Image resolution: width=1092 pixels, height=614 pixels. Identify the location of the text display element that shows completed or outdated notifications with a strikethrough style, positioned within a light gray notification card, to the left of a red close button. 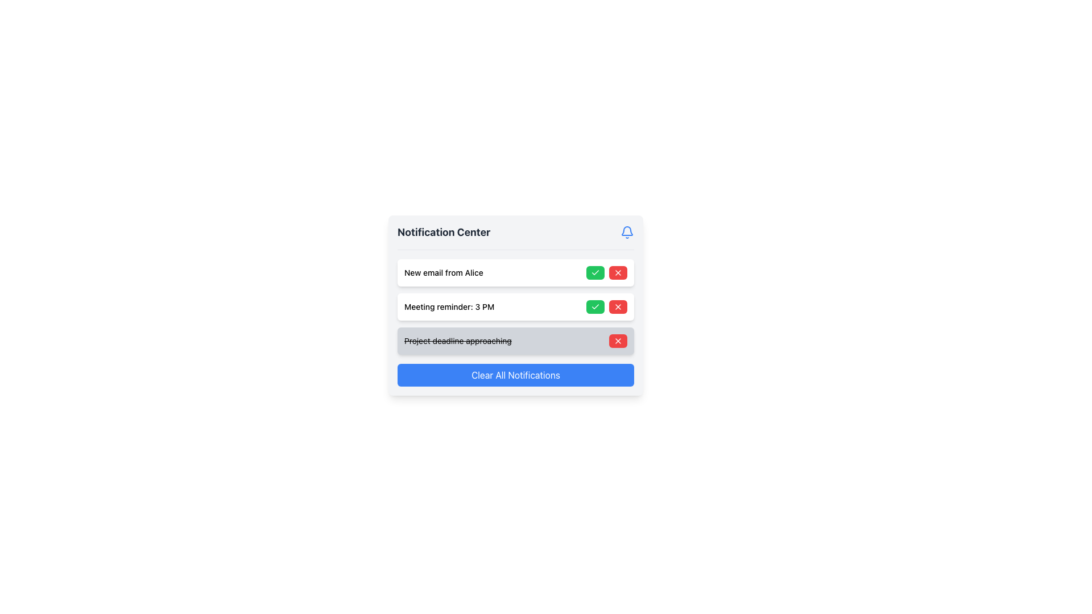
(458, 341).